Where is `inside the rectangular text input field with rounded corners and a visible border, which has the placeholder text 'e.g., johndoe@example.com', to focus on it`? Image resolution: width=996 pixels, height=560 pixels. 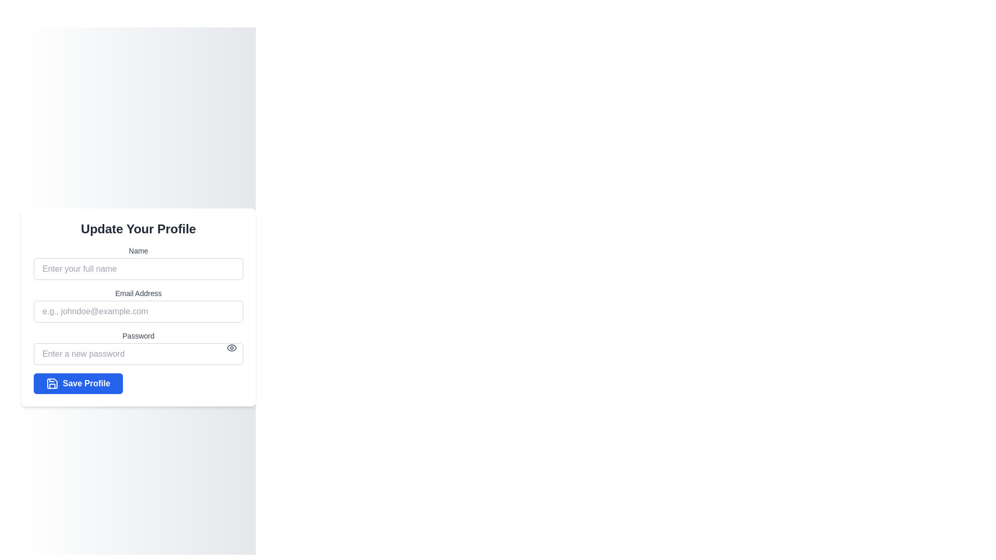
inside the rectangular text input field with rounded corners and a visible border, which has the placeholder text 'e.g., johndoe@example.com', to focus on it is located at coordinates (138, 311).